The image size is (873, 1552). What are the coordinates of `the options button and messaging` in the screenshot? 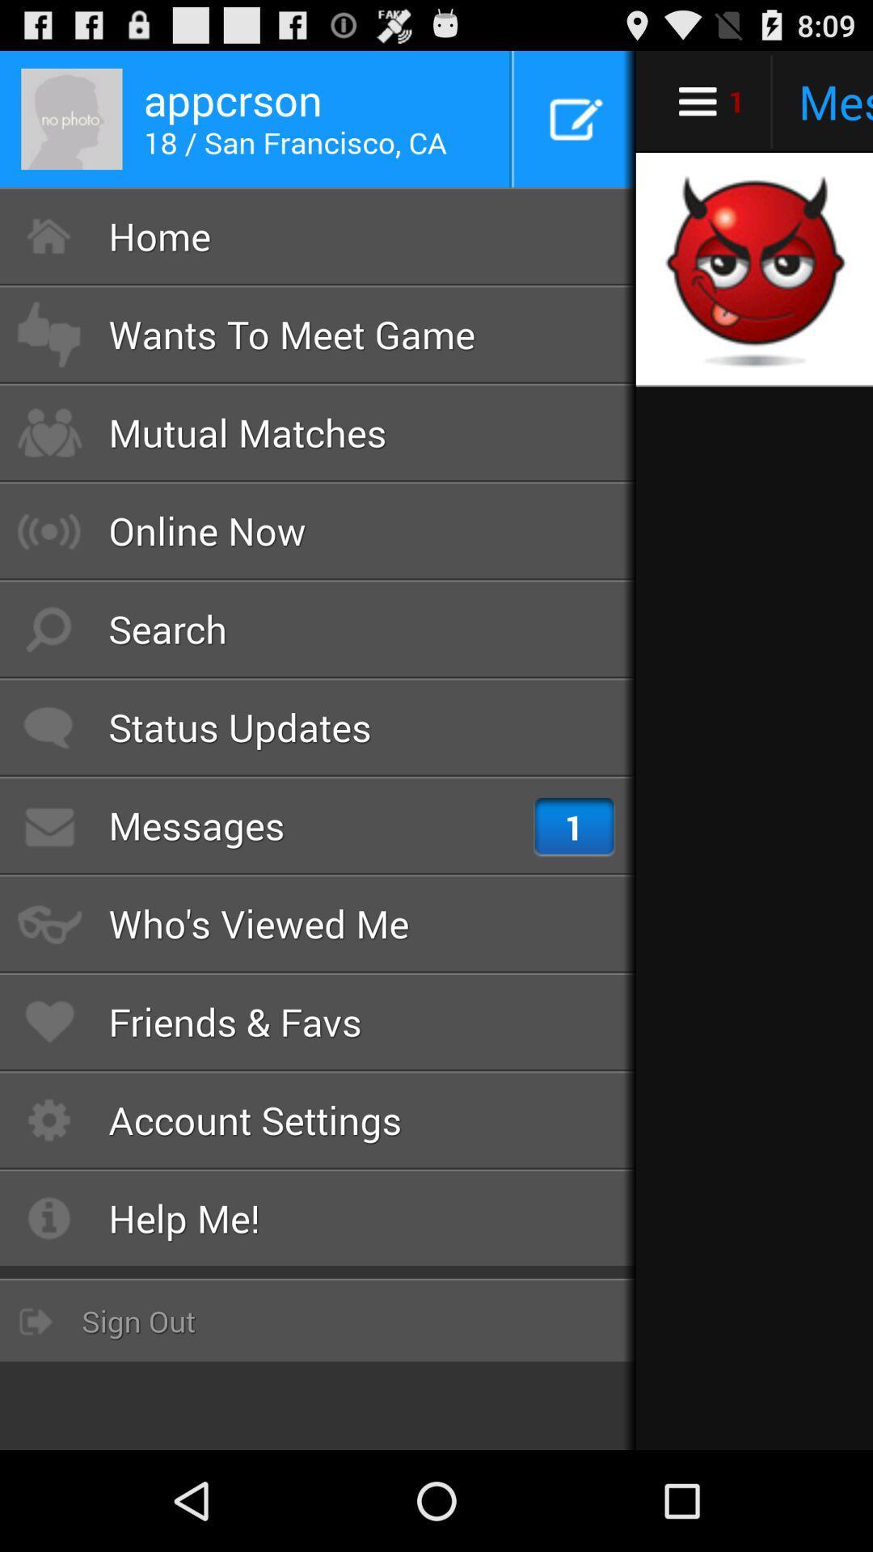 It's located at (754, 100).